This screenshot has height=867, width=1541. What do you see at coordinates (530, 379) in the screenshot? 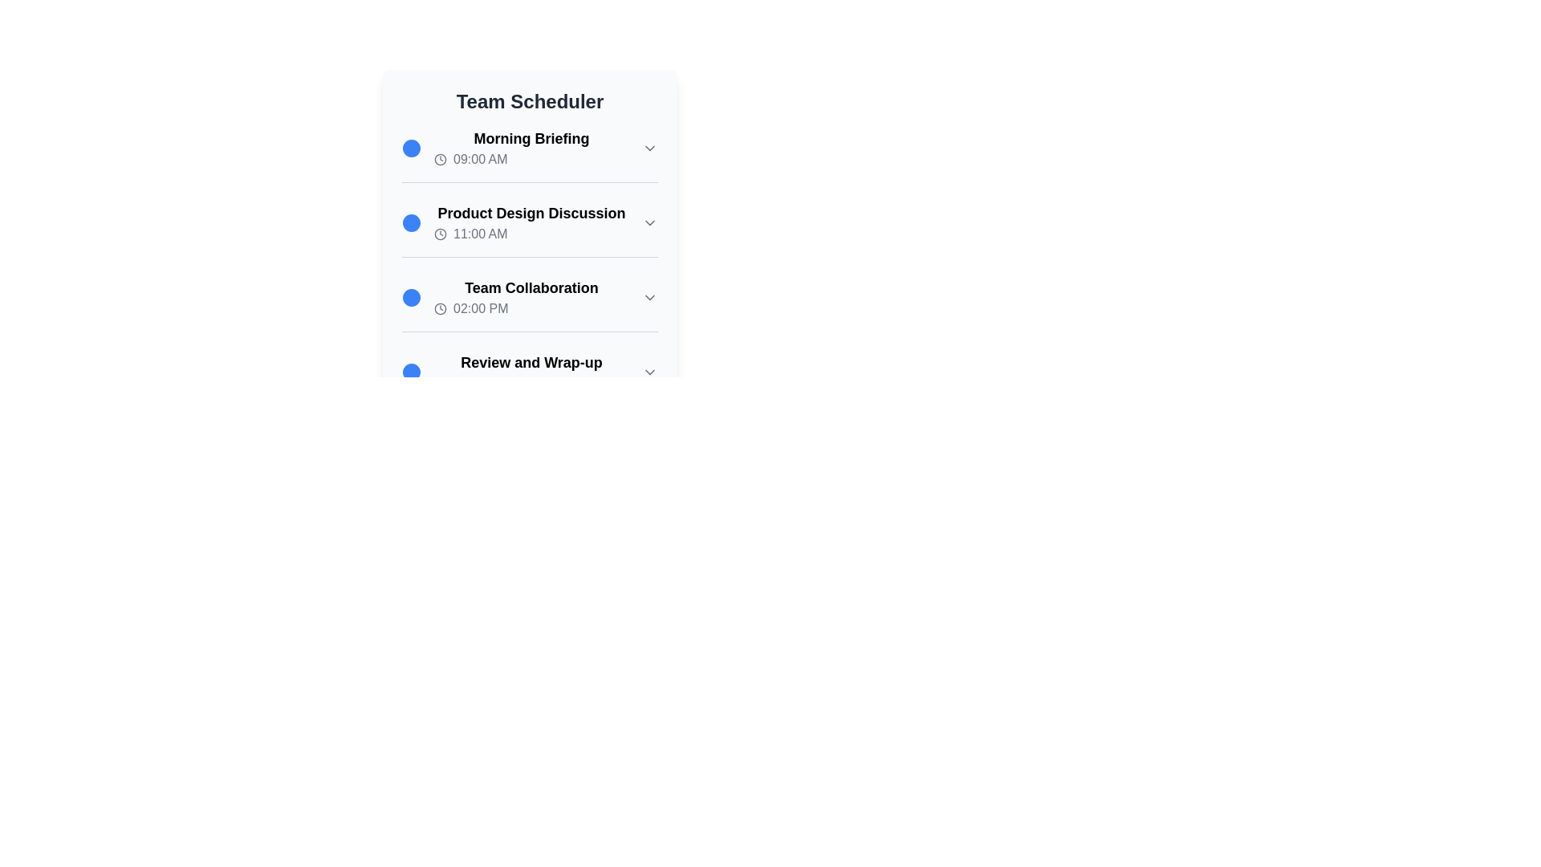
I see `event name and time from the Schedule Item displaying 'Review and Wrap-up 04:30 PM' located in the Team Scheduler list` at bounding box center [530, 379].